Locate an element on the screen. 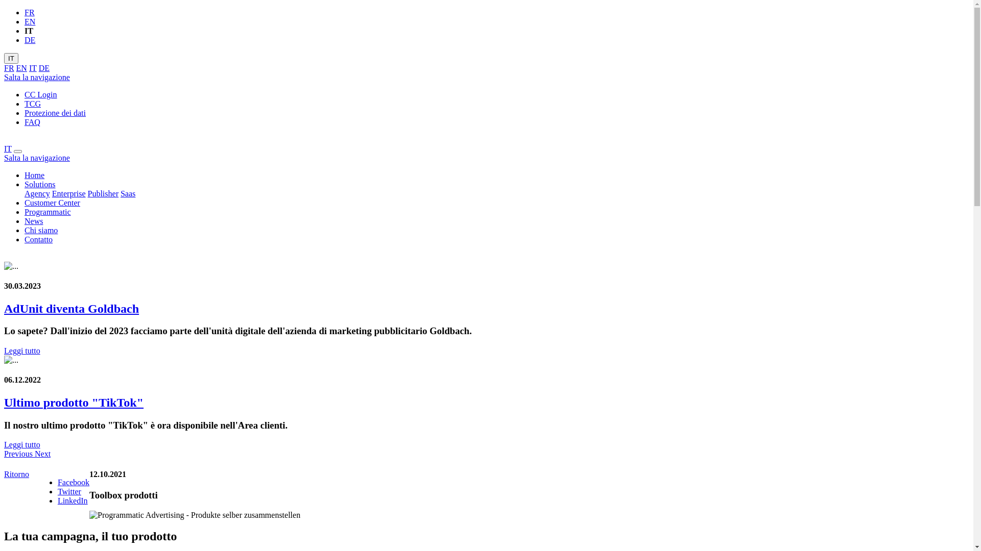  'LinkedIn' is located at coordinates (72, 500).